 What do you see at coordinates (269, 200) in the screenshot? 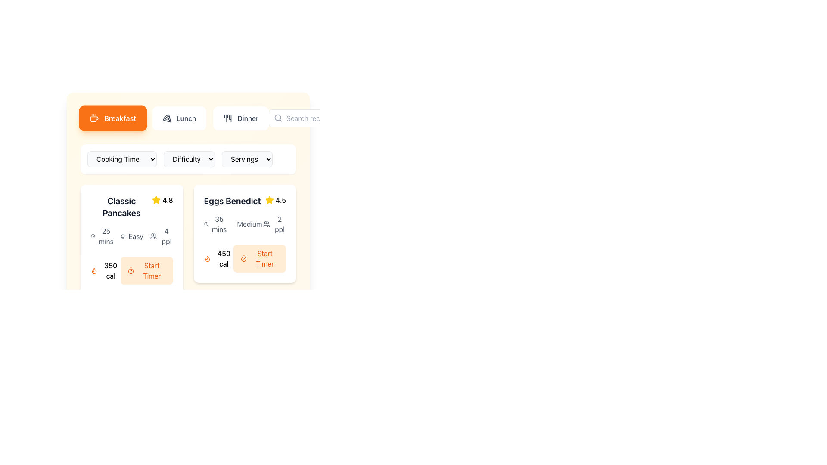
I see `the rating icon representing the 'Eggs Benedict' entry, located to the left of the text '4.5' in the second column of a two-column layout` at bounding box center [269, 200].